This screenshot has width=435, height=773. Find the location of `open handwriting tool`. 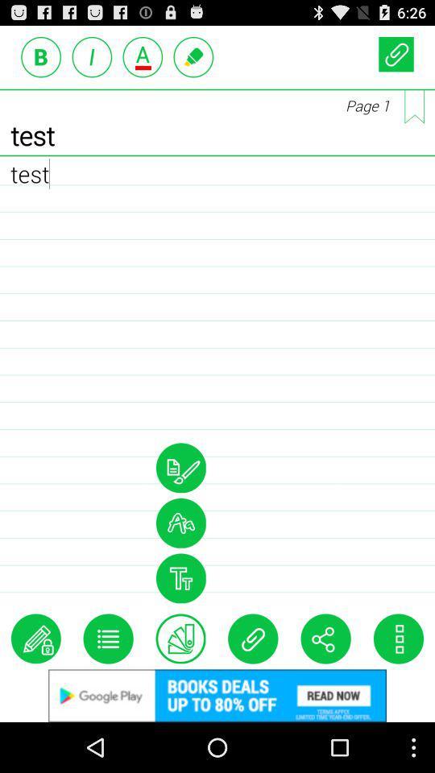

open handwriting tool is located at coordinates (180, 468).